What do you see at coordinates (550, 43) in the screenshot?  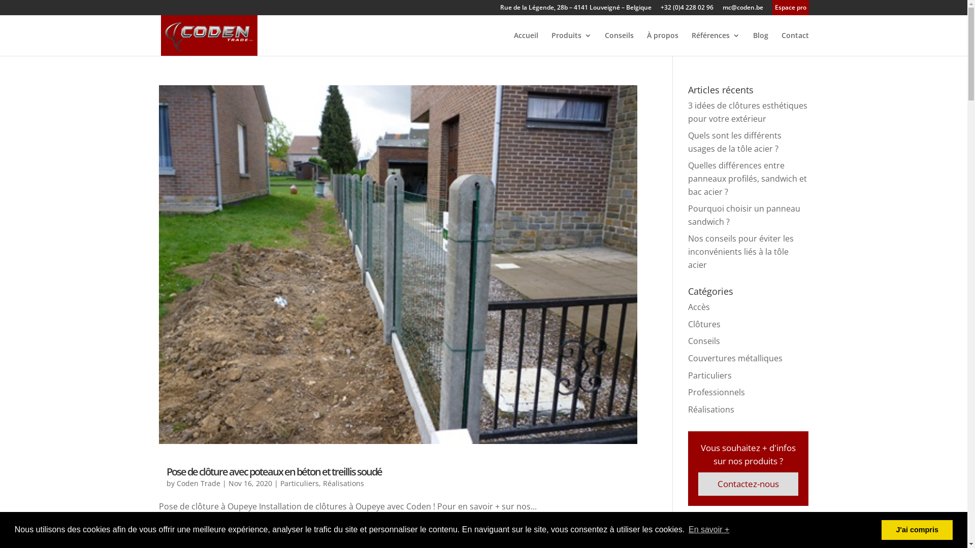 I see `'Produits'` at bounding box center [550, 43].